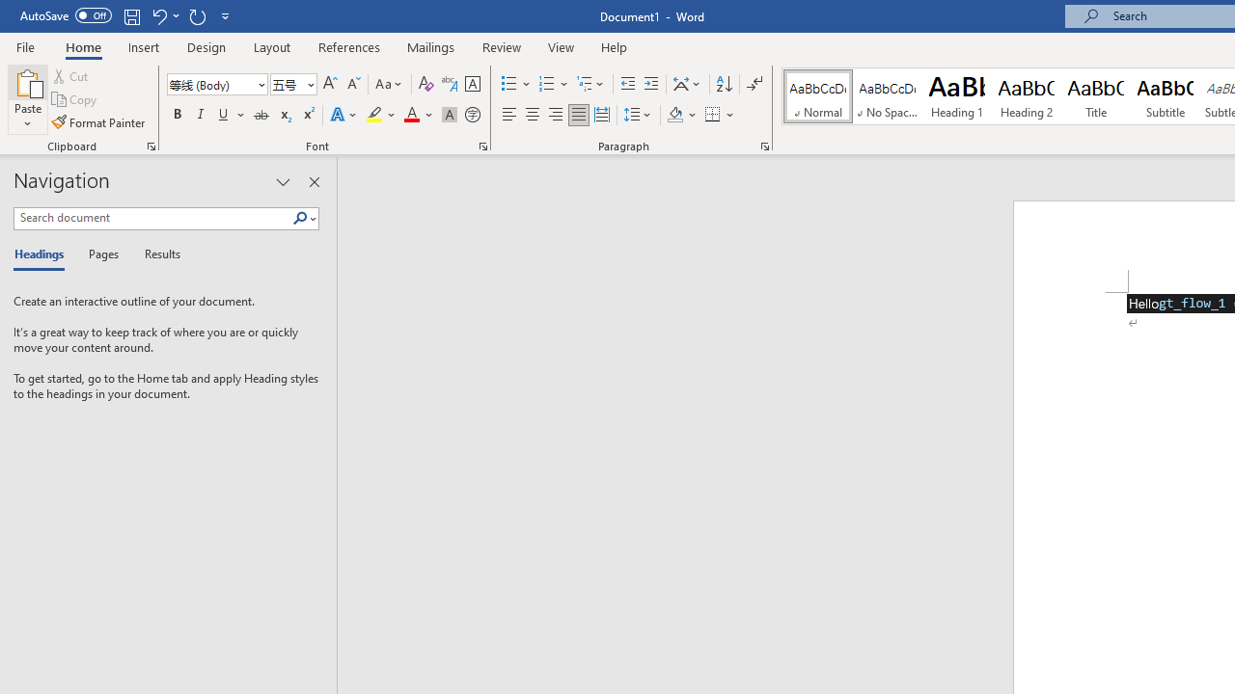  I want to click on 'Heading 2', so click(1025, 96).